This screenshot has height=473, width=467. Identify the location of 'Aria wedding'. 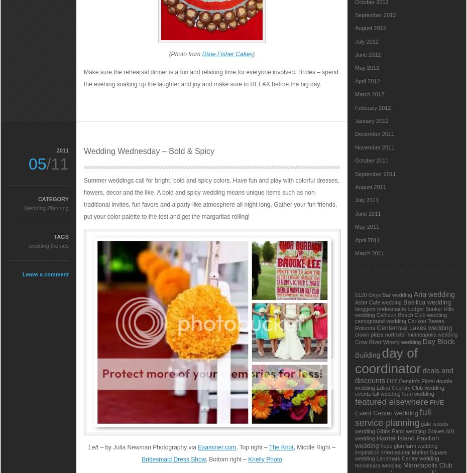
(433, 294).